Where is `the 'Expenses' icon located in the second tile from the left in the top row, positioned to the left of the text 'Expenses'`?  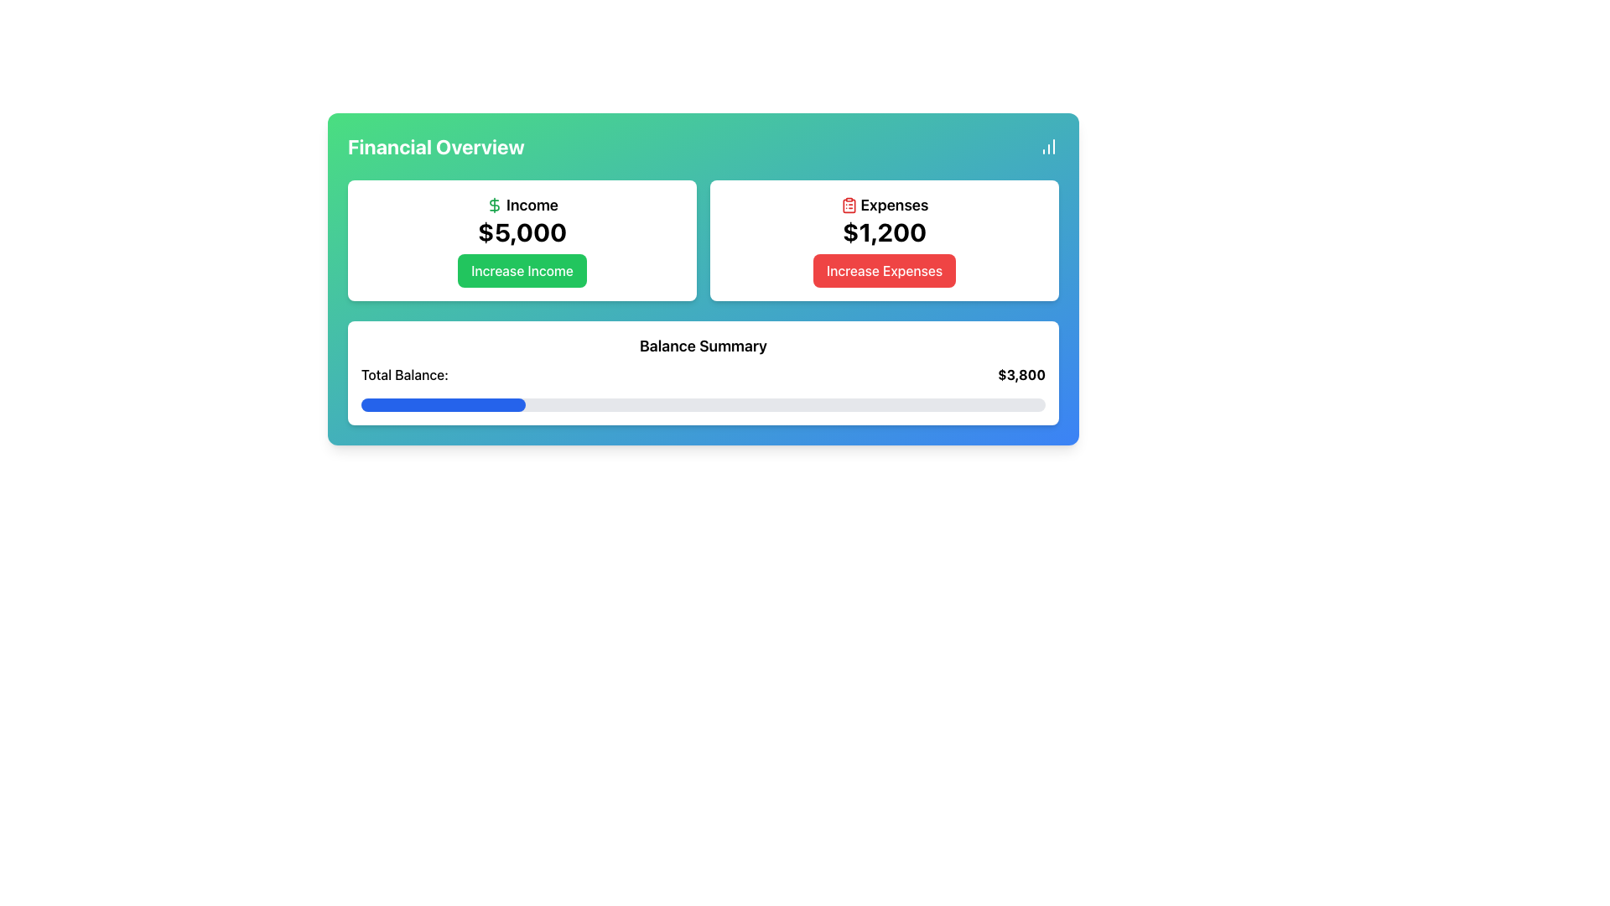 the 'Expenses' icon located in the second tile from the left in the top row, positioned to the left of the text 'Expenses' is located at coordinates (849, 205).